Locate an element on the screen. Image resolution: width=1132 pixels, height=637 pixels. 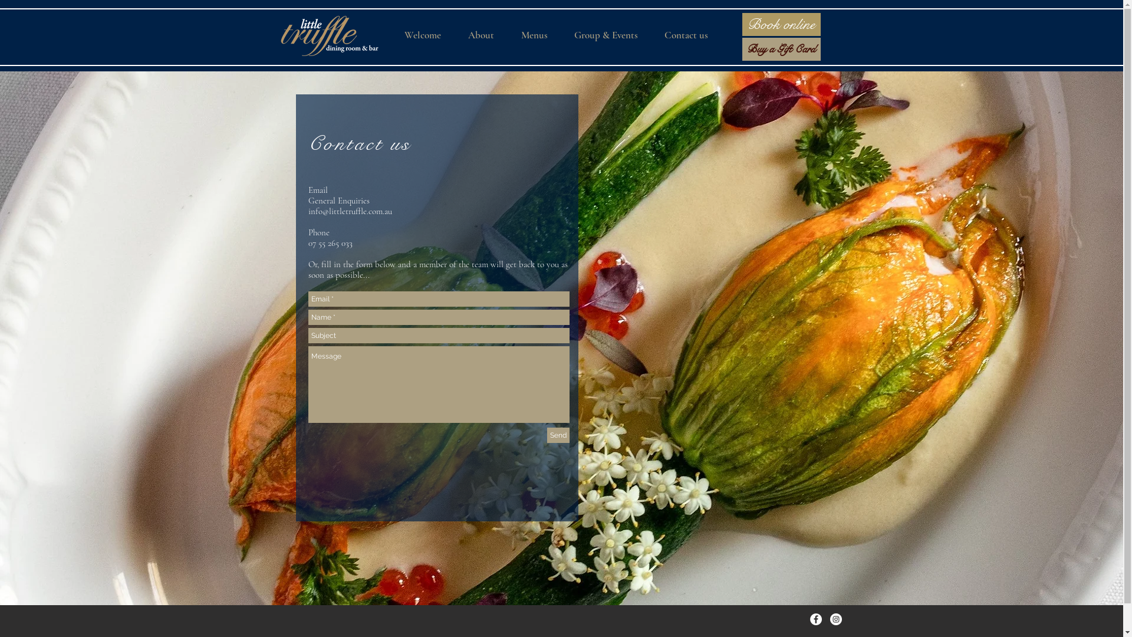
'About' is located at coordinates (486, 35).